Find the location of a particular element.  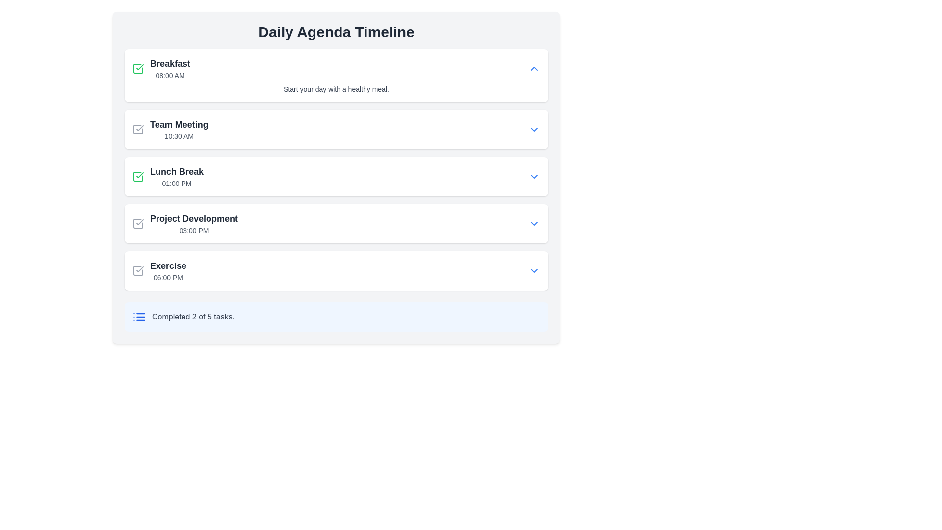

the informational label for the scheduled event titled 'Lunch Break' located in the third row of the agenda list is located at coordinates (177, 176).